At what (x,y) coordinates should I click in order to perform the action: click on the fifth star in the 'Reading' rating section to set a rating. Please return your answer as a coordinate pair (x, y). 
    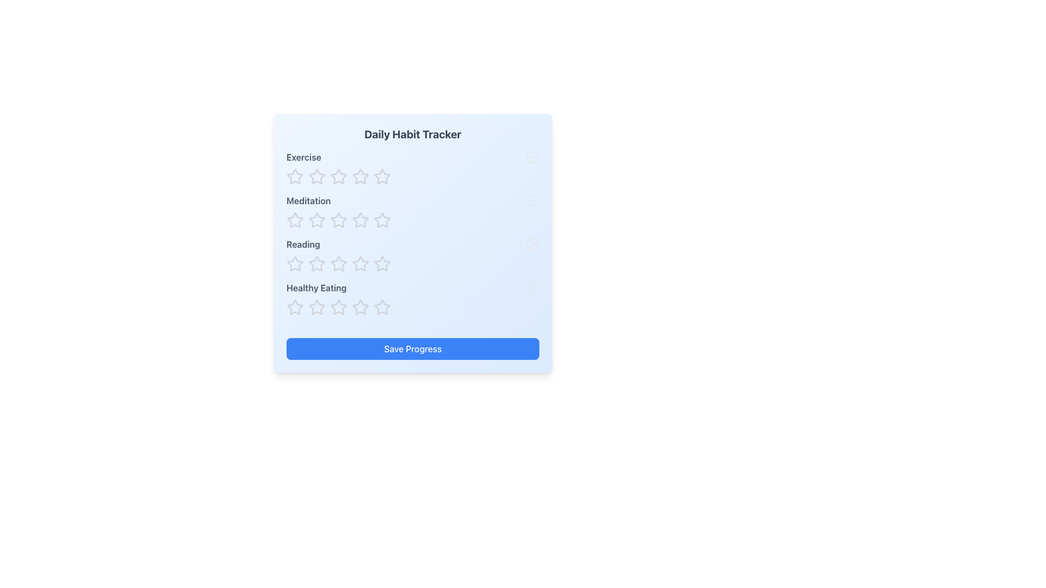
    Looking at the image, I should click on (382, 264).